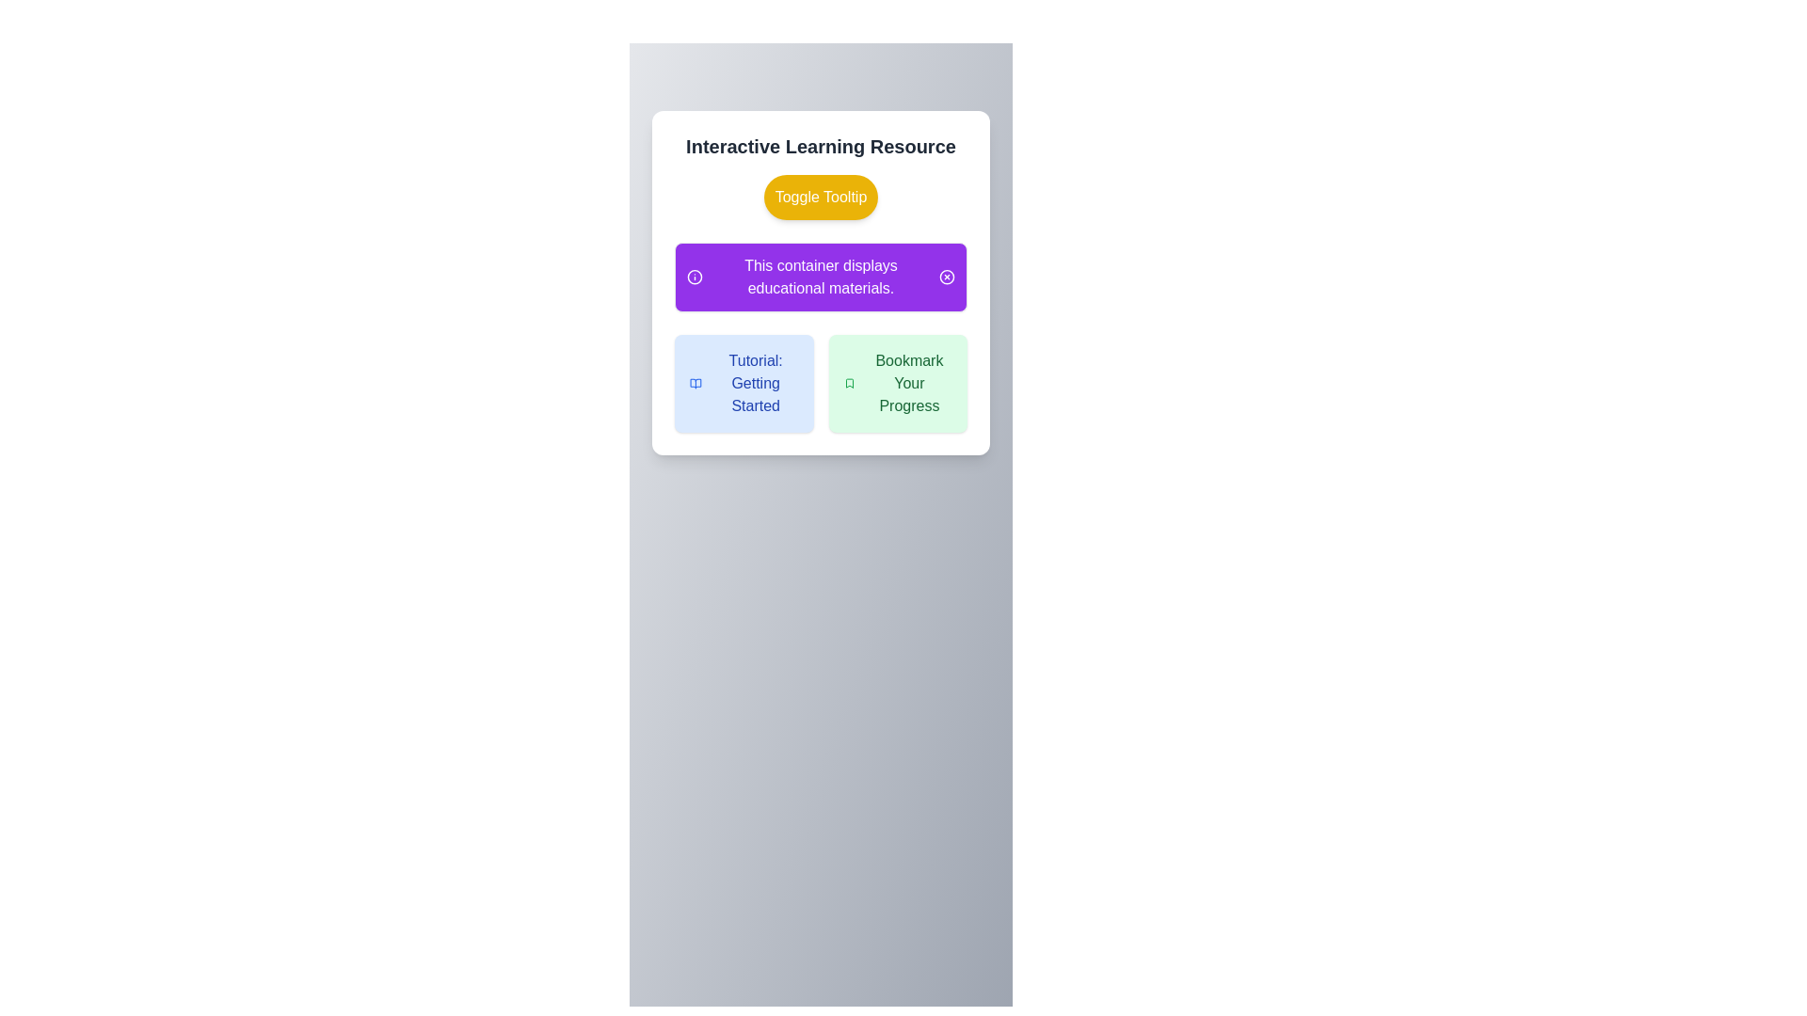 The height and width of the screenshot is (1016, 1807). I want to click on the circular close icon with a bold 'X' mark inside it, located at the rightmost side of the purple panel, so click(947, 277).